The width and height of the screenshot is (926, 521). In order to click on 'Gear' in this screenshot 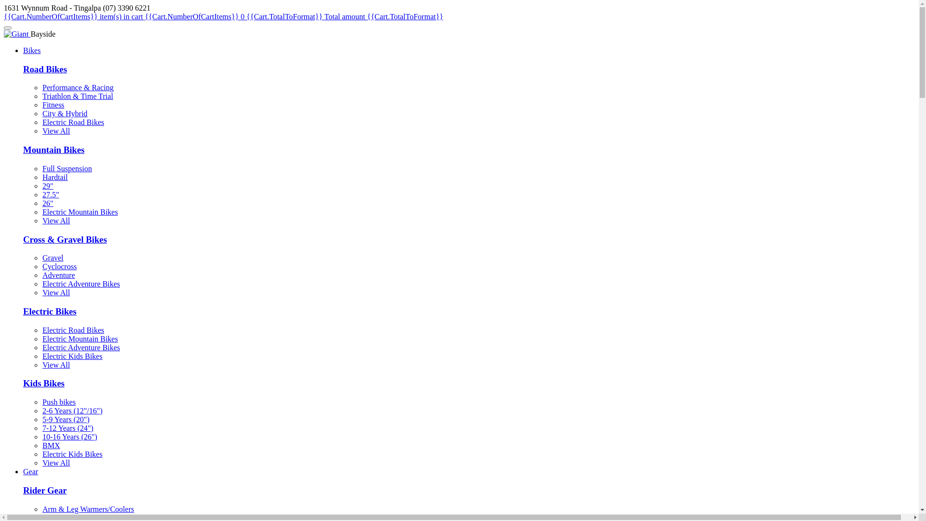, I will do `click(30, 471)`.